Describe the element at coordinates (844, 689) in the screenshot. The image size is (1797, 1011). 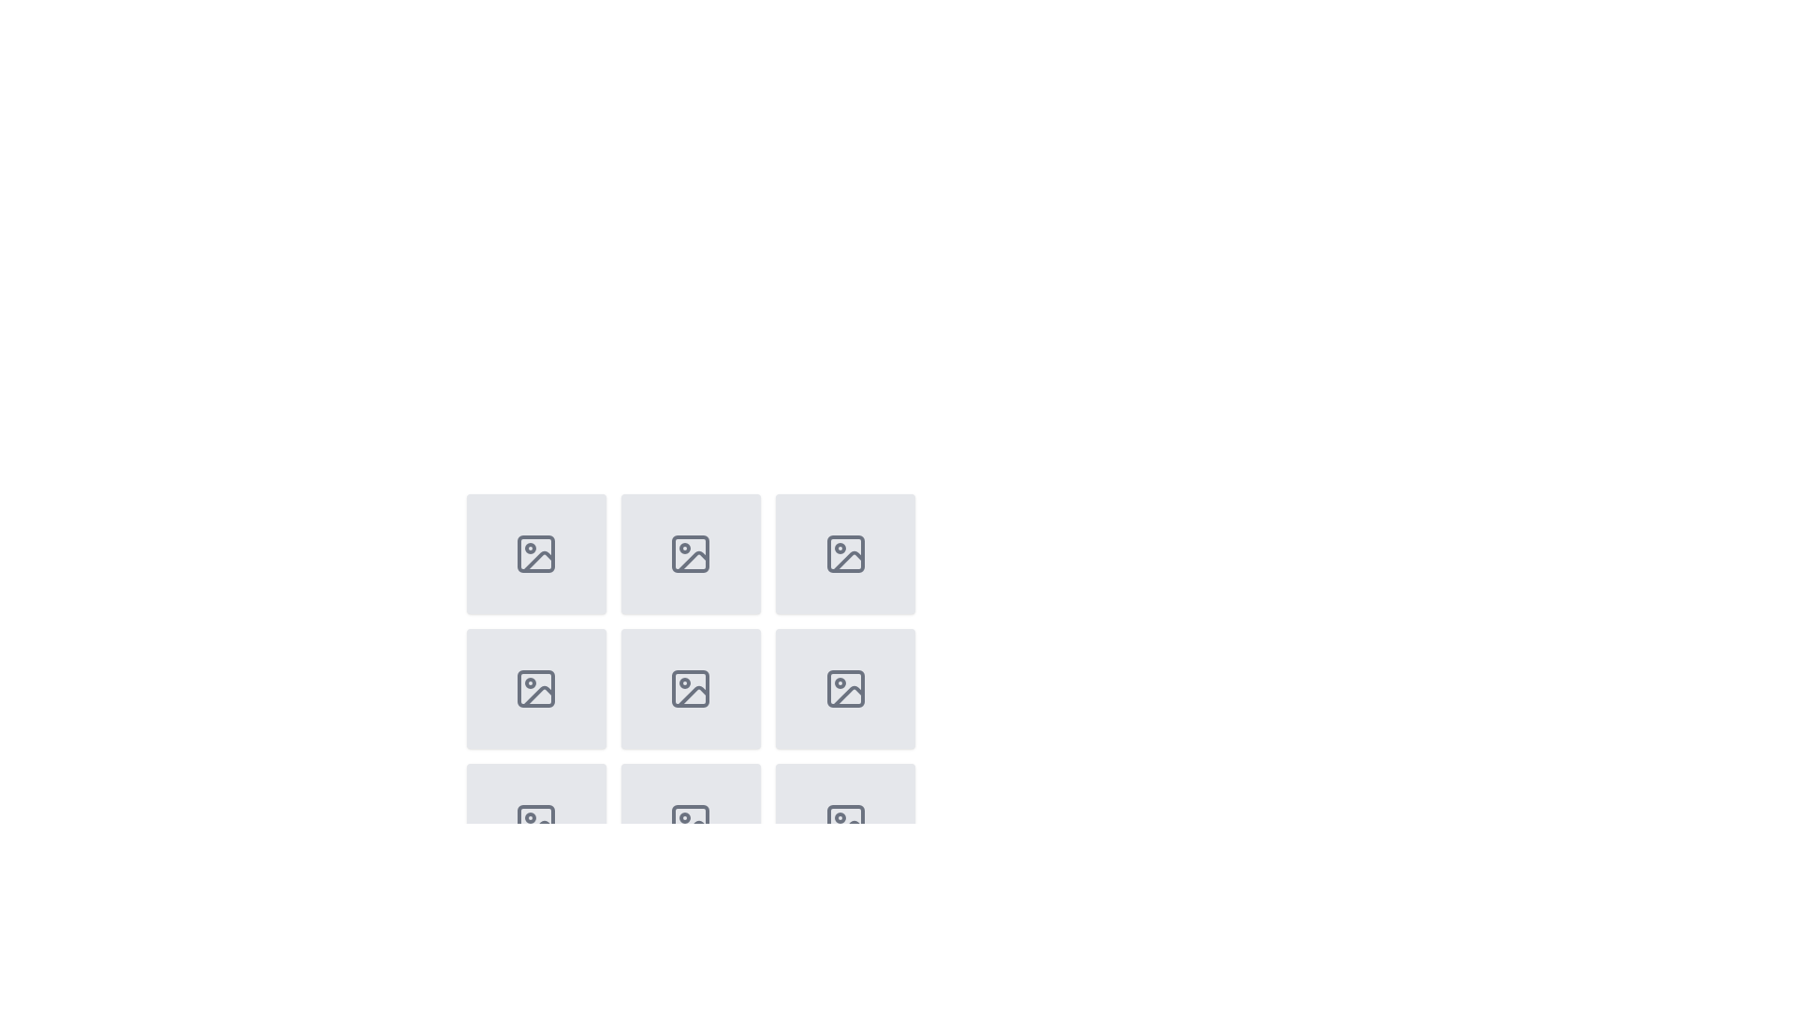
I see `the Icon component background, which is a rectangle with rounded corners styled with a gray outline, located in the fifth position of a three-row, three-column grid layout` at that location.